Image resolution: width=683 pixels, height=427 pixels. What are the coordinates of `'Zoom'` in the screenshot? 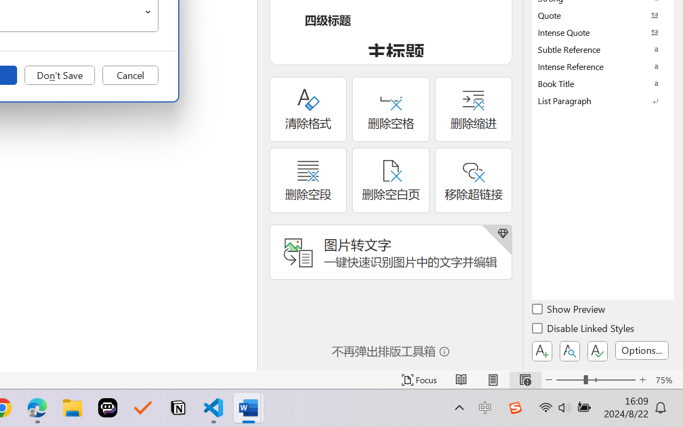 It's located at (595, 379).